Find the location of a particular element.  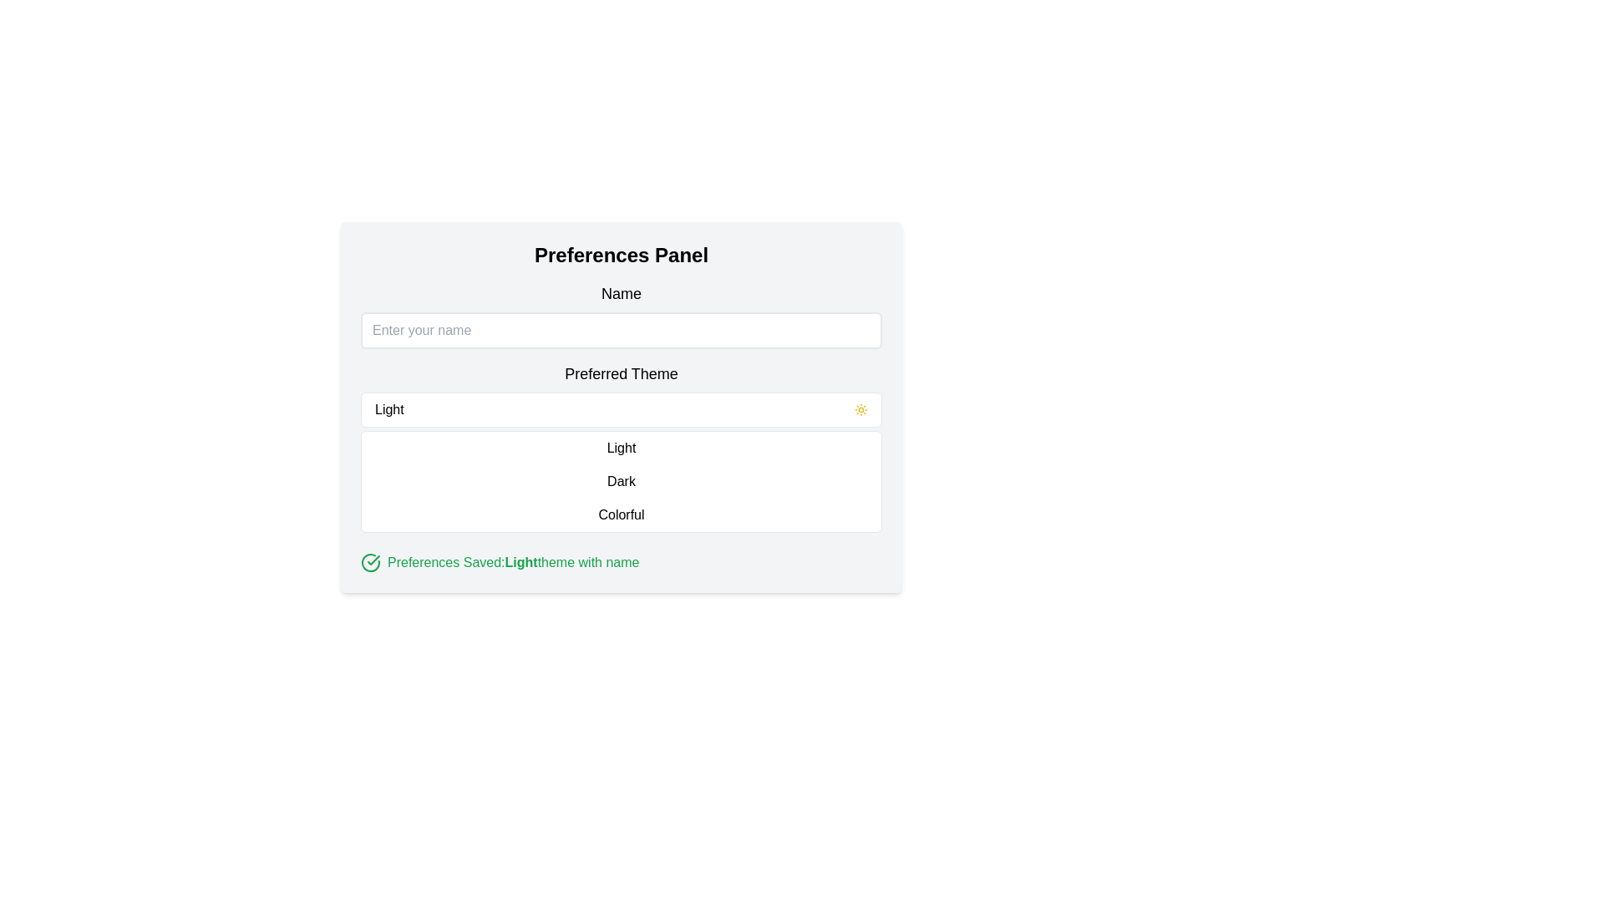

the static text element displaying 'Preferences Panel', which is a bold and large heading located at the top and center of the preferences panel is located at coordinates (621, 255).